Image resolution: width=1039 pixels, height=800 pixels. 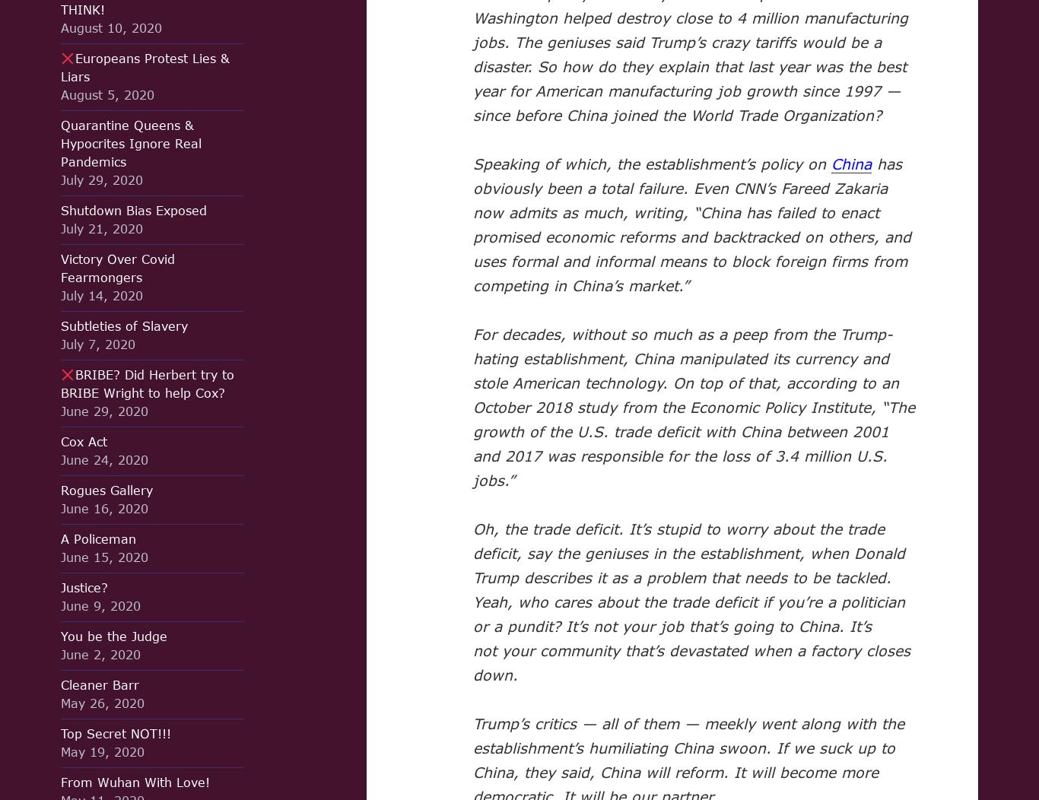 What do you see at coordinates (144, 67) in the screenshot?
I see `'Europeans Protest Lies & Liars'` at bounding box center [144, 67].